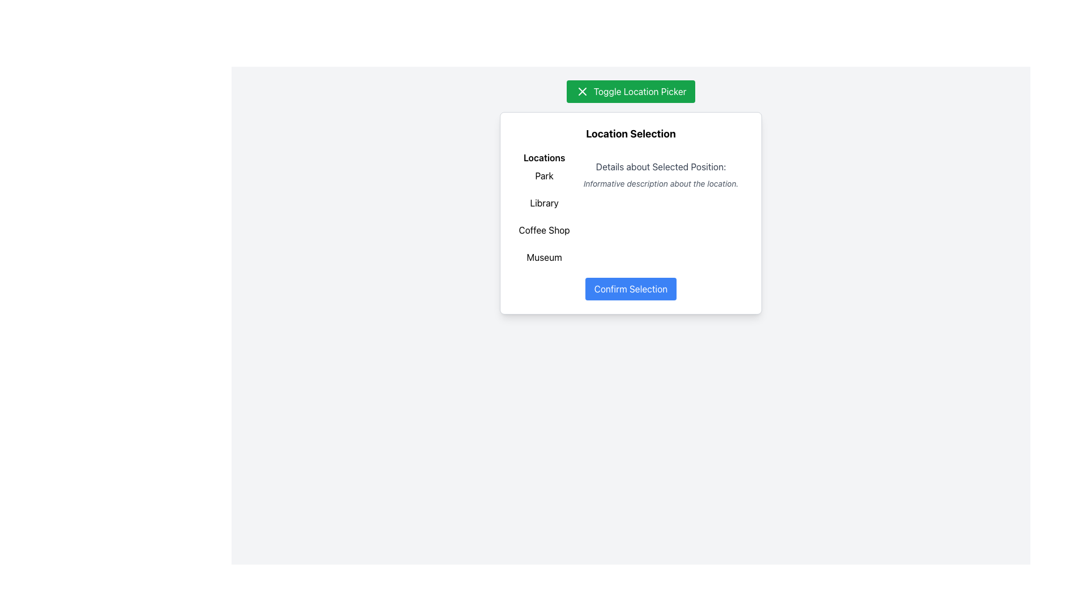 Image resolution: width=1087 pixels, height=611 pixels. I want to click on the contextual text element that provides additional information about the selected position, located within a modal below the title 'Details about Selected Position:', so click(661, 183).